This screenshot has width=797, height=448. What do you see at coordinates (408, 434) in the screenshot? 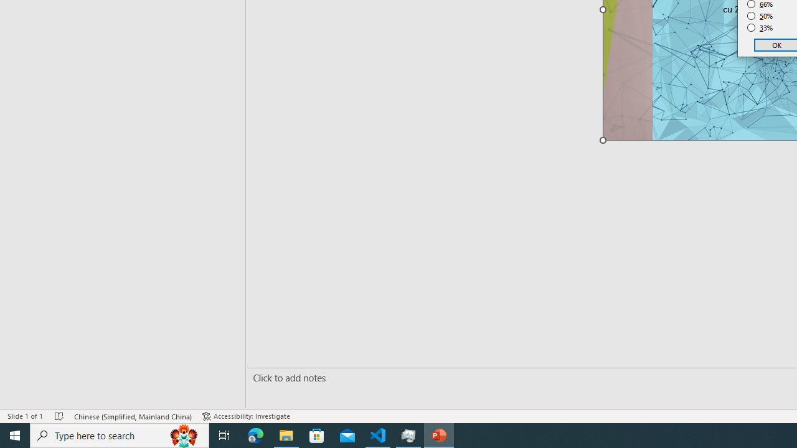
I see `'Task Manager - 1 running window'` at bounding box center [408, 434].